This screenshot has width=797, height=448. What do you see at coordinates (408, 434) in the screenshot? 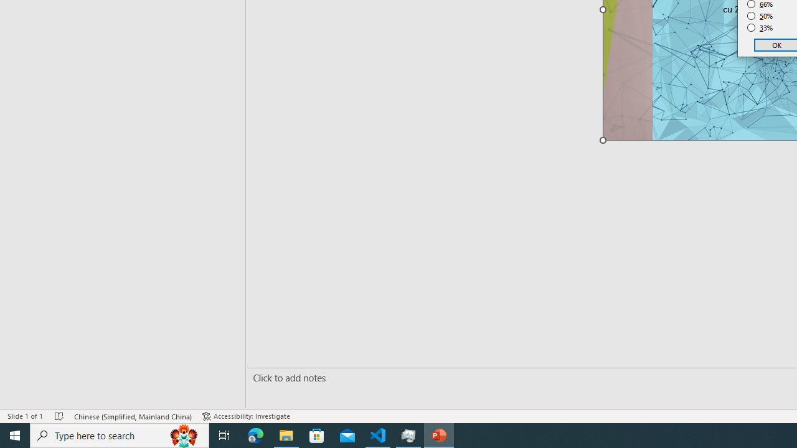
I see `'Task Manager - 1 running window'` at bounding box center [408, 434].